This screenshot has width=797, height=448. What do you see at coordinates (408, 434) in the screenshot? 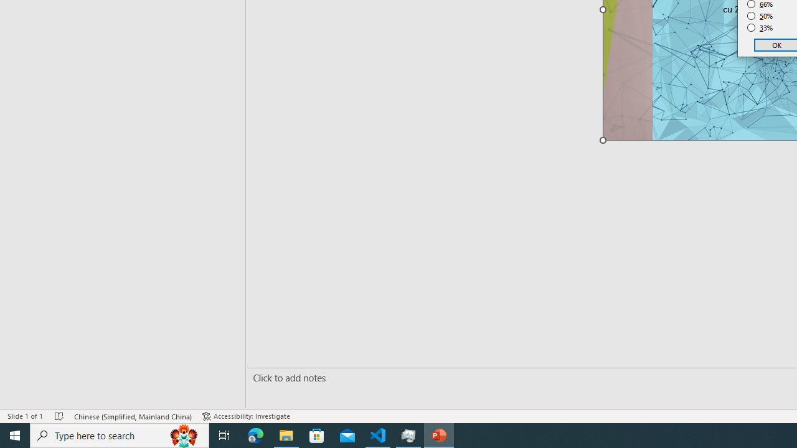
I see `'Task Manager - 1 running window'` at bounding box center [408, 434].